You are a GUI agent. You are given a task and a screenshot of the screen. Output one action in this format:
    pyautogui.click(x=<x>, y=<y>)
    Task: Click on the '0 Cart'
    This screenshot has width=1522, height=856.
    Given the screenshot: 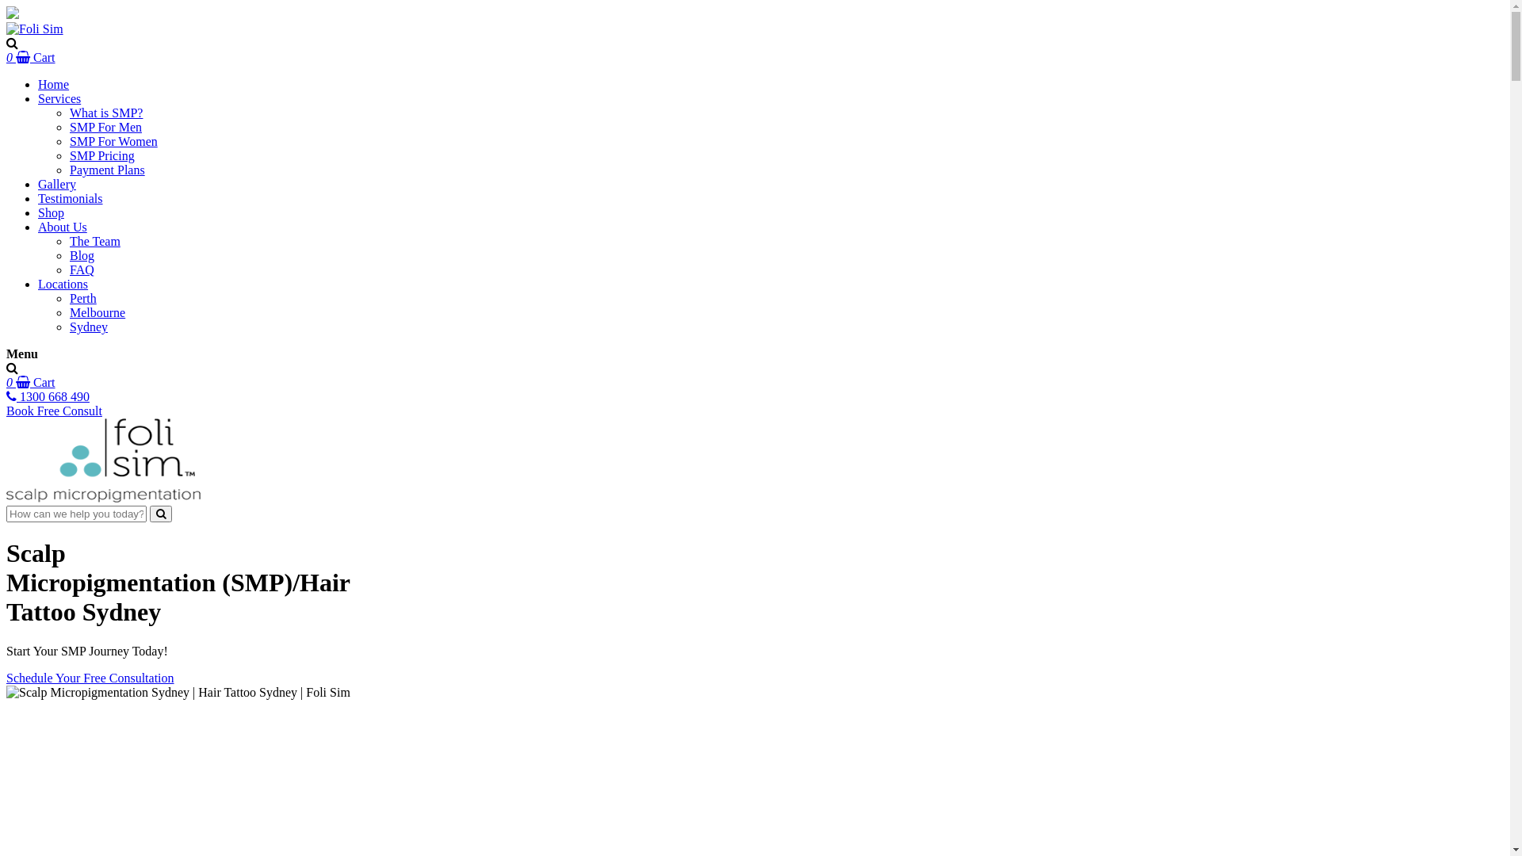 What is the action you would take?
    pyautogui.click(x=30, y=56)
    